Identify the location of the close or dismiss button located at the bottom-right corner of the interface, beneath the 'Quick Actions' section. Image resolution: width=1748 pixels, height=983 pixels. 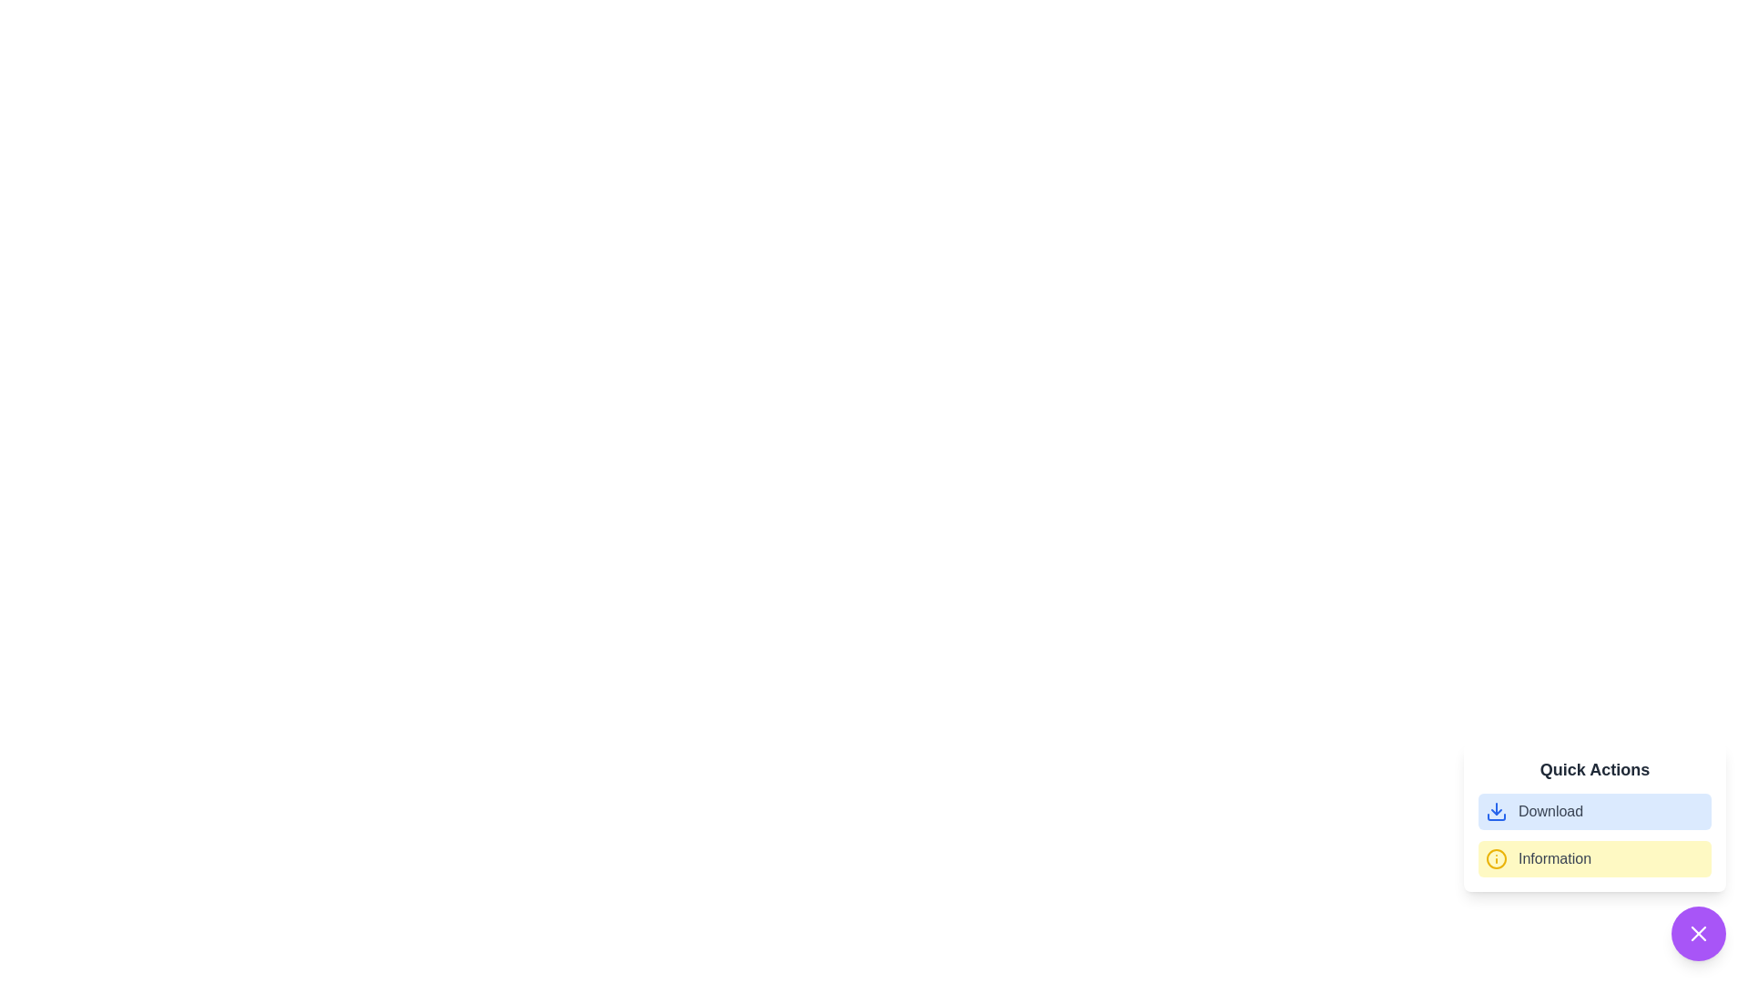
(1698, 934).